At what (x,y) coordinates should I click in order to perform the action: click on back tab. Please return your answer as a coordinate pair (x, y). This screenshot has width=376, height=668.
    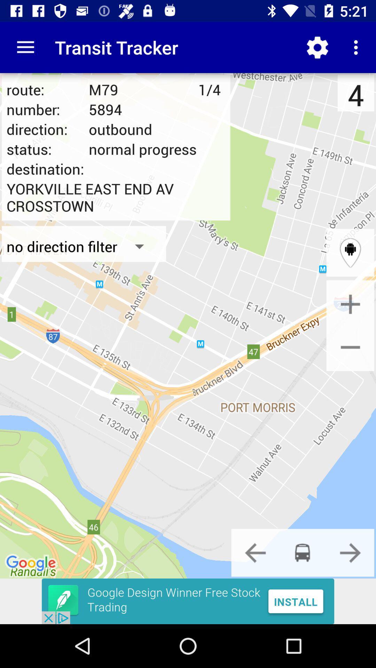
    Looking at the image, I should click on (255, 552).